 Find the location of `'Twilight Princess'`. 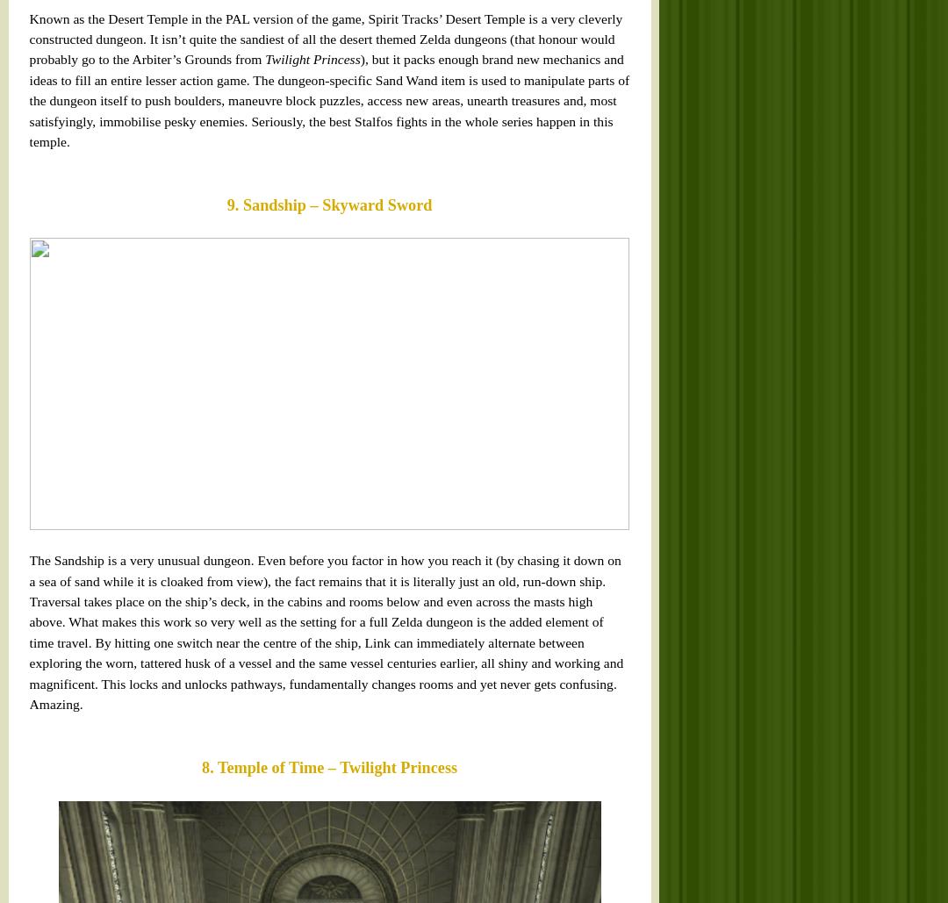

'Twilight Princess' is located at coordinates (63, 221).